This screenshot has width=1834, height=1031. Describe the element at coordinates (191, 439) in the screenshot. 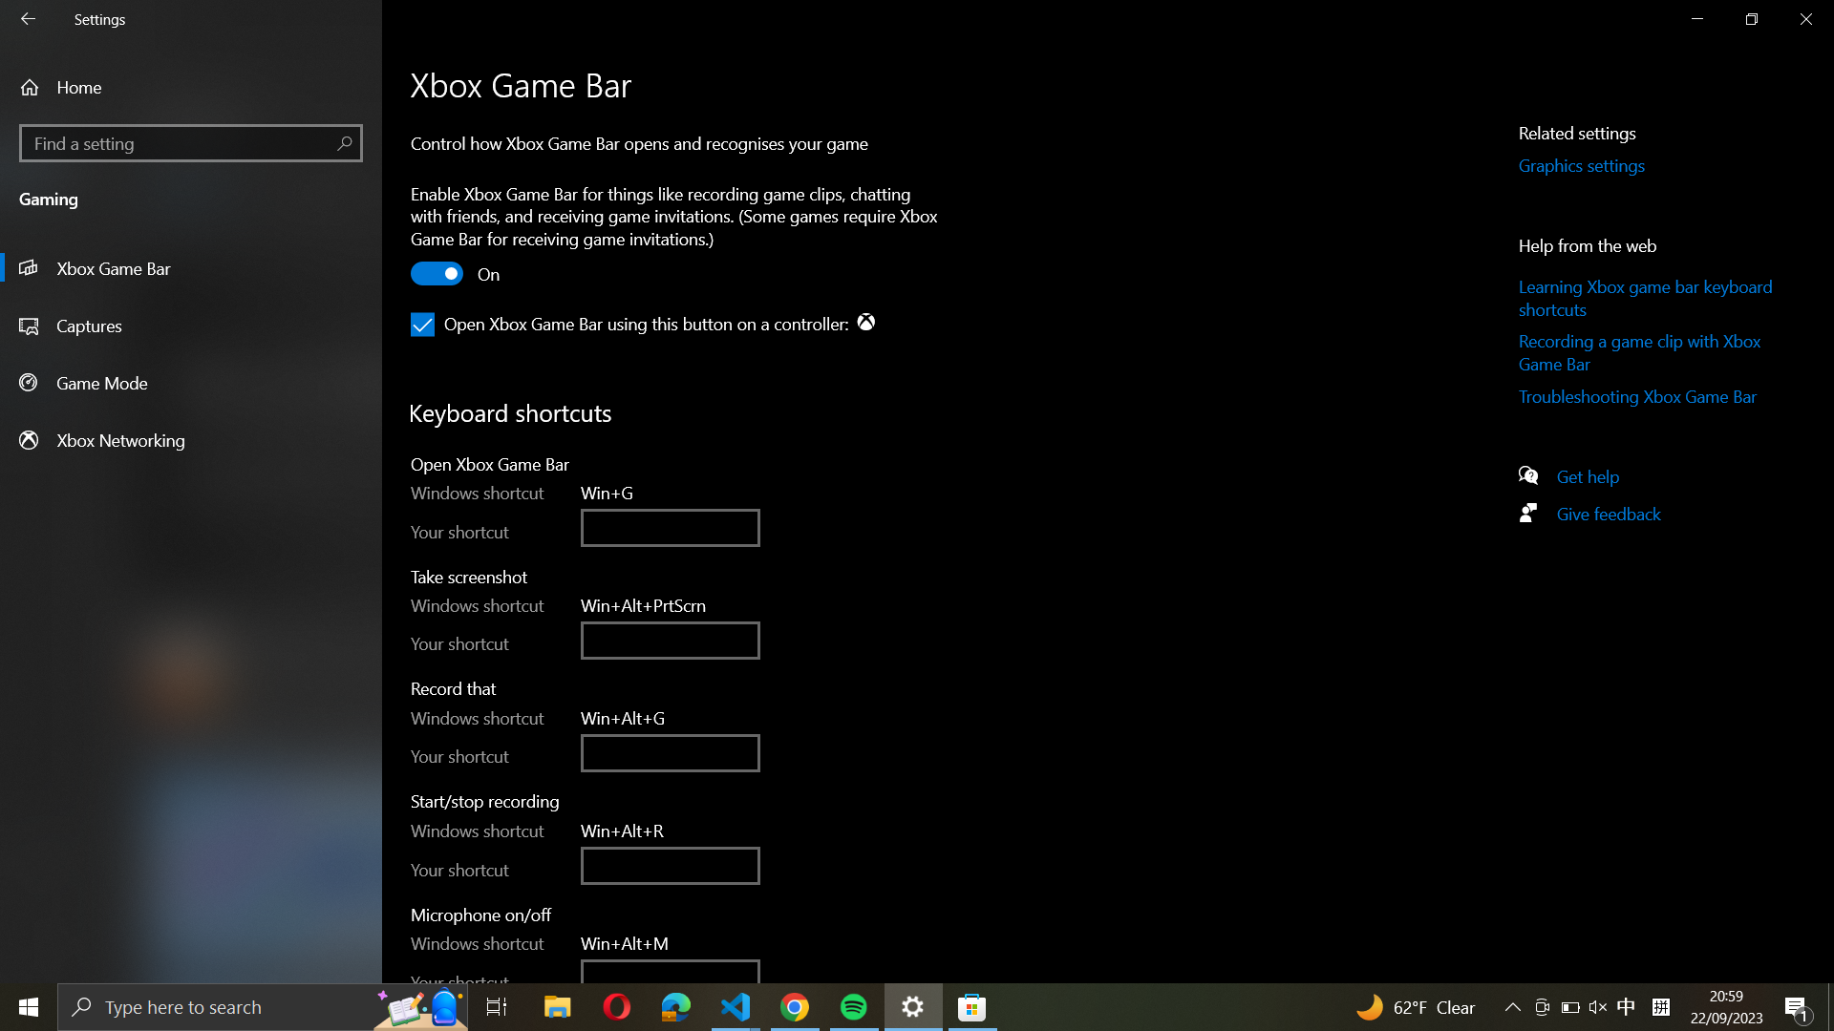

I see `the Xbox Networking settings by clicking on the button on the left panel` at that location.